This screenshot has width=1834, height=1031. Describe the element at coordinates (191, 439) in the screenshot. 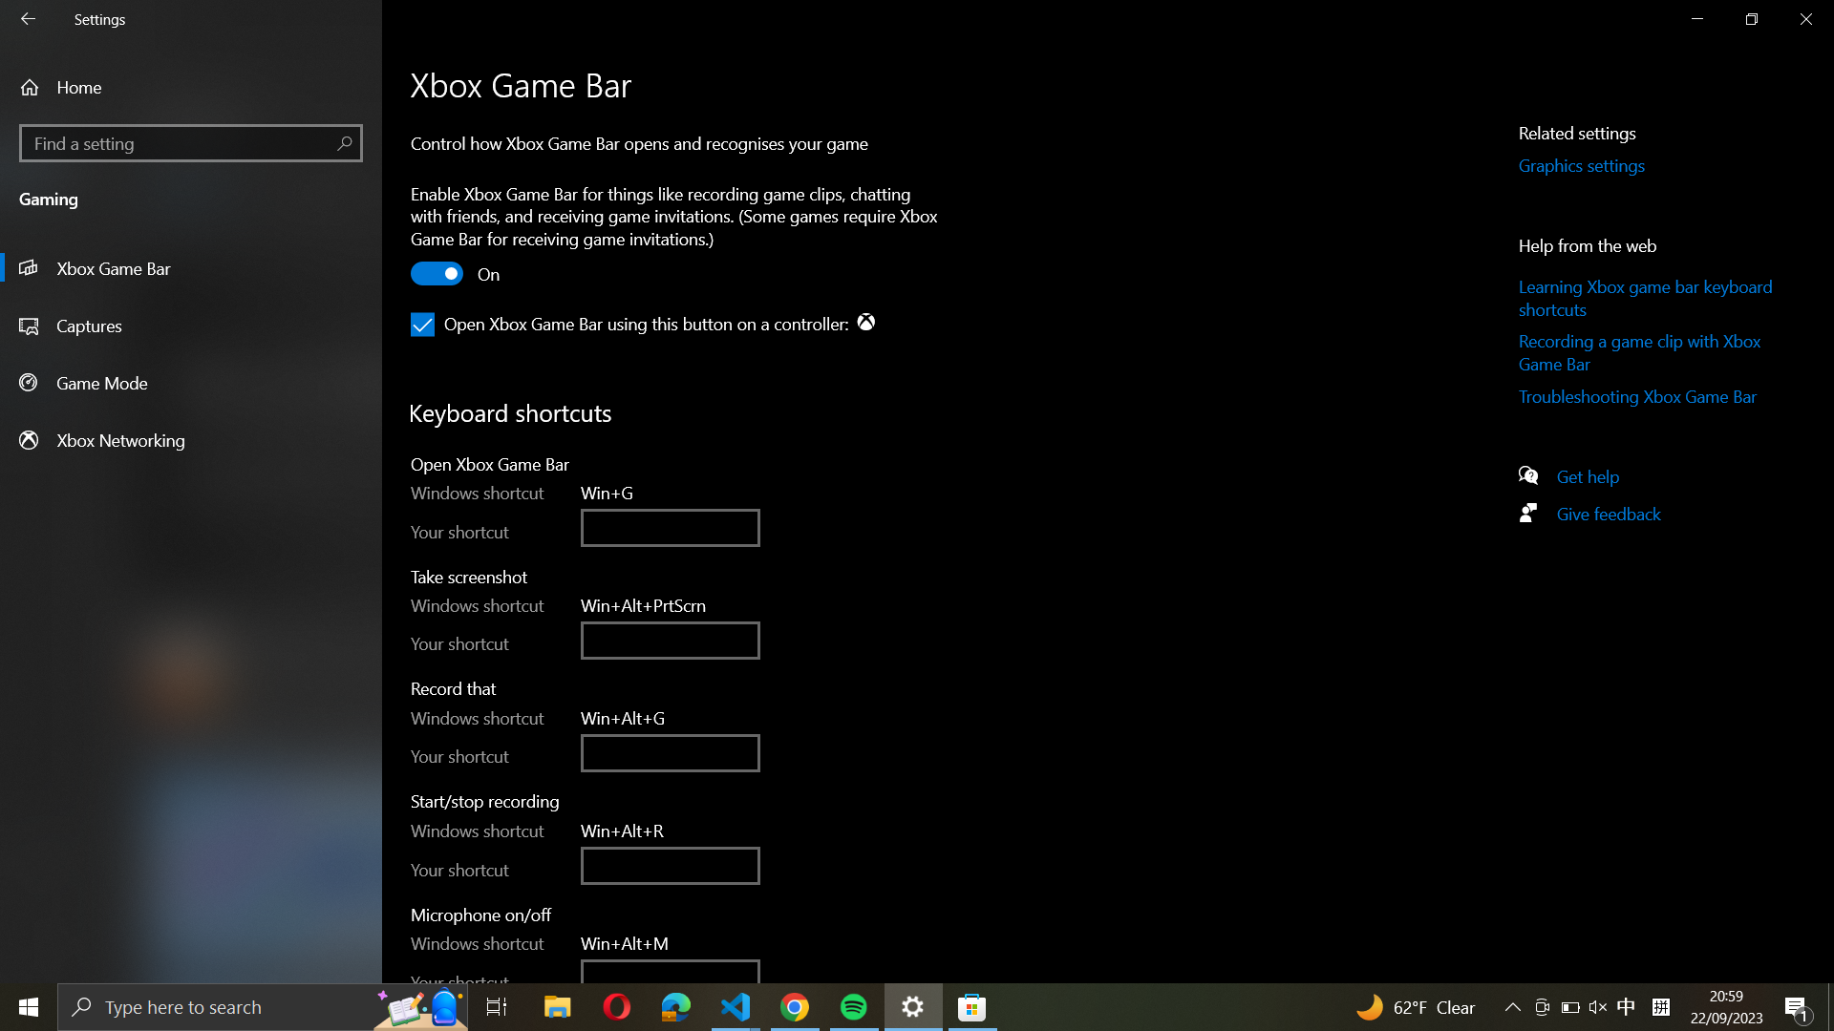

I see `the Xbox Networking settings by clicking on the button on the left panel` at that location.